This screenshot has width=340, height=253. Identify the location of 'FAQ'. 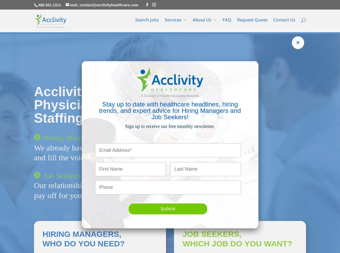
(227, 21).